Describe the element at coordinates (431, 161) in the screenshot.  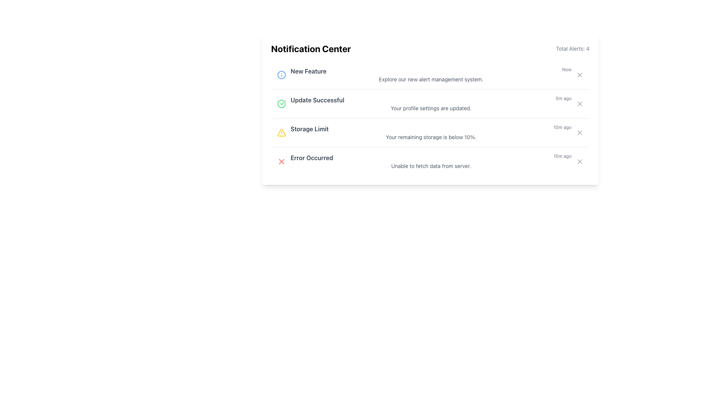
I see `the error notification titled 'Error Occurred' by clicking on it, which is the last entry in the notification center` at that location.